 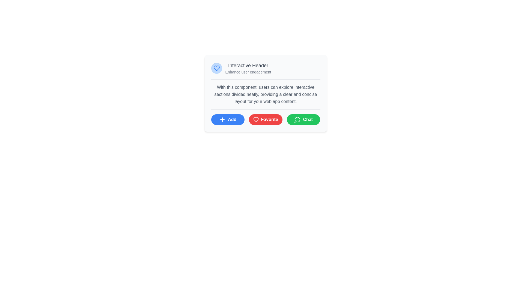 What do you see at coordinates (248, 72) in the screenshot?
I see `static text element displaying 'Enhance user engagement', which is styled in a smaller, lighter gray font and positioned below the 'Interactive Header'` at bounding box center [248, 72].